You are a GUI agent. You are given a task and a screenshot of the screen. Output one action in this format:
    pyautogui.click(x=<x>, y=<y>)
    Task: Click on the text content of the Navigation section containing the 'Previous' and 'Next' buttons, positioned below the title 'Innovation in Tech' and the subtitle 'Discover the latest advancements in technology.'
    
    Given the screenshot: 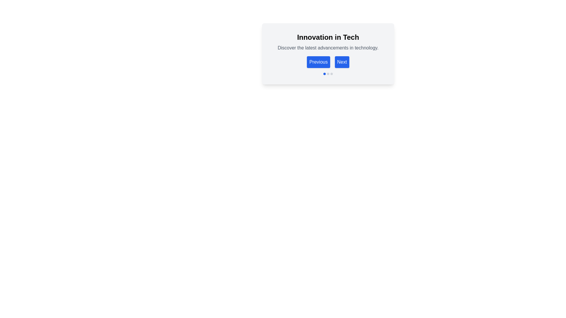 What is the action you would take?
    pyautogui.click(x=328, y=50)
    